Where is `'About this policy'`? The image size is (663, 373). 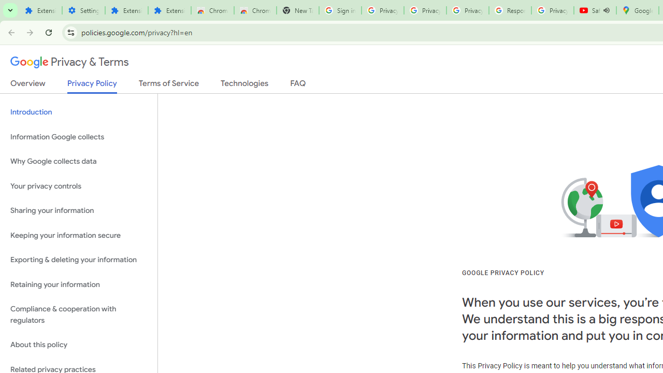 'About this policy' is located at coordinates (78, 345).